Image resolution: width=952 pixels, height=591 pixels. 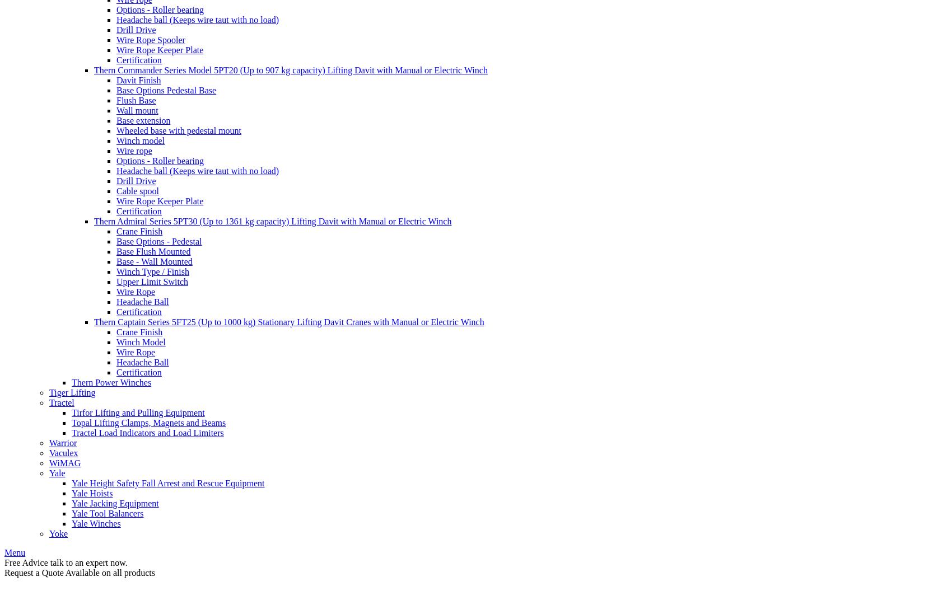 I want to click on 'Thern Power Winches', so click(x=71, y=382).